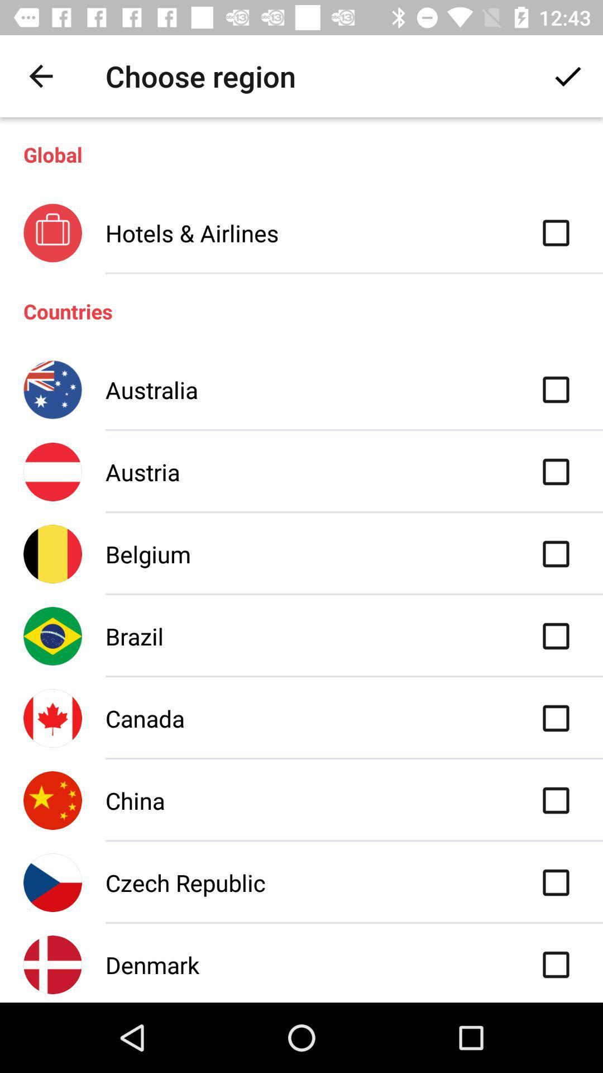 The image size is (603, 1073). Describe the element at coordinates (40, 75) in the screenshot. I see `the icon above global item` at that location.